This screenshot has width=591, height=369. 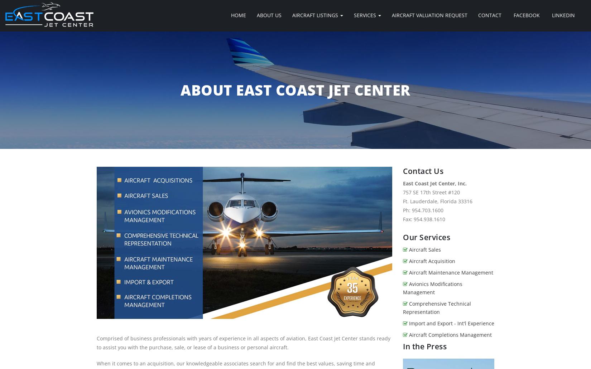 What do you see at coordinates (295, 90) in the screenshot?
I see `'About East Coast Jet Center'` at bounding box center [295, 90].